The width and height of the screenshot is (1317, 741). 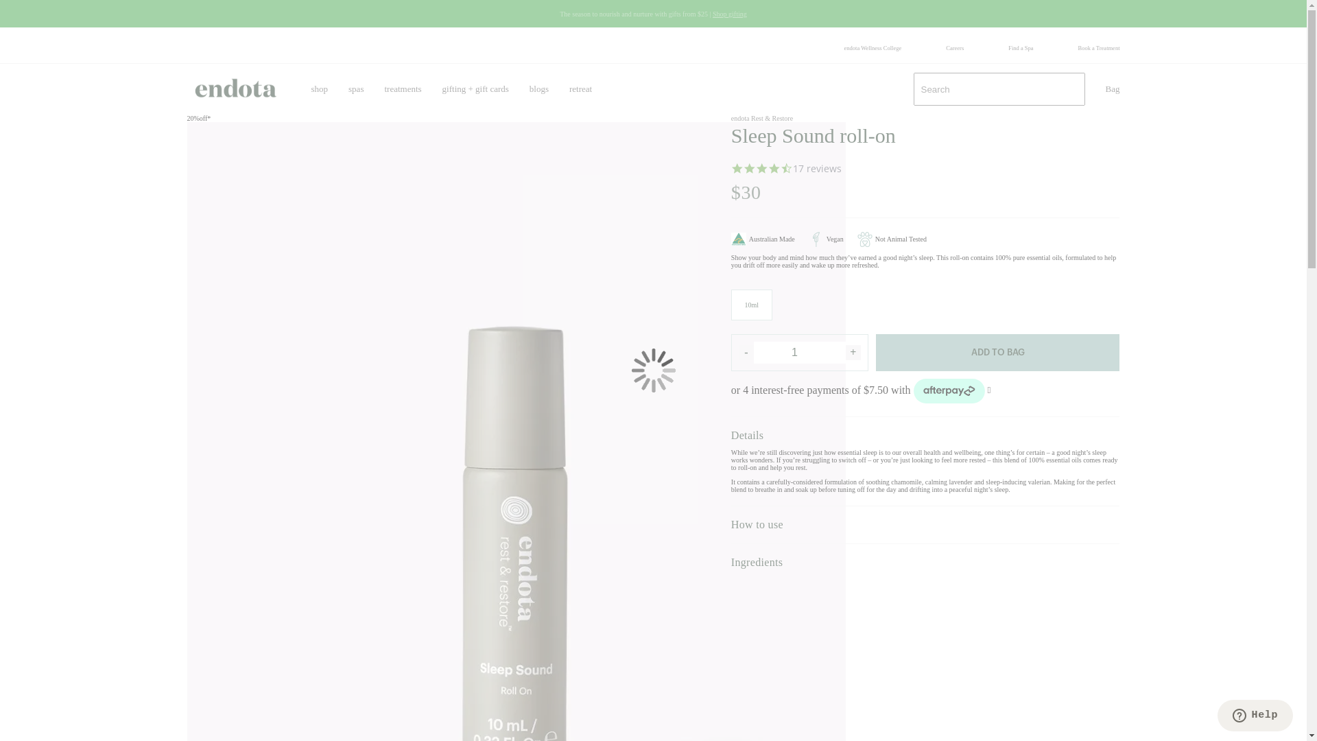 What do you see at coordinates (997, 351) in the screenshot?
I see `'ADD TO BAG'` at bounding box center [997, 351].